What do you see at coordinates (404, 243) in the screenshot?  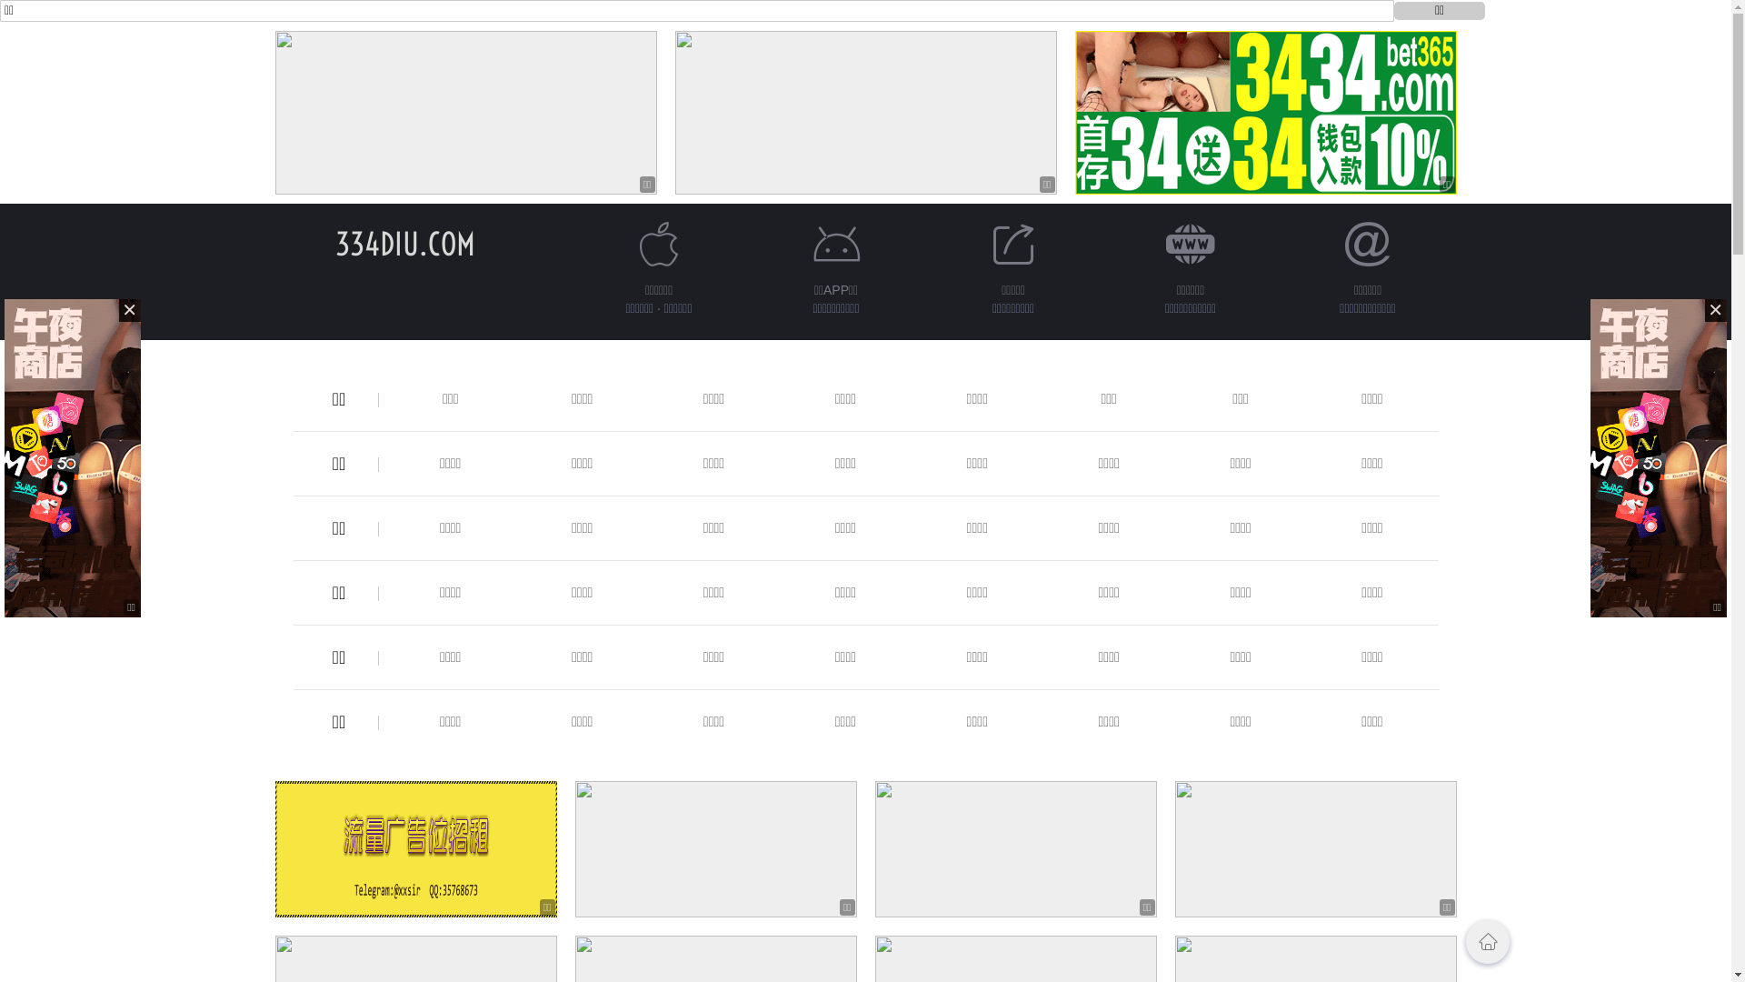 I see `'334DIU.COM'` at bounding box center [404, 243].